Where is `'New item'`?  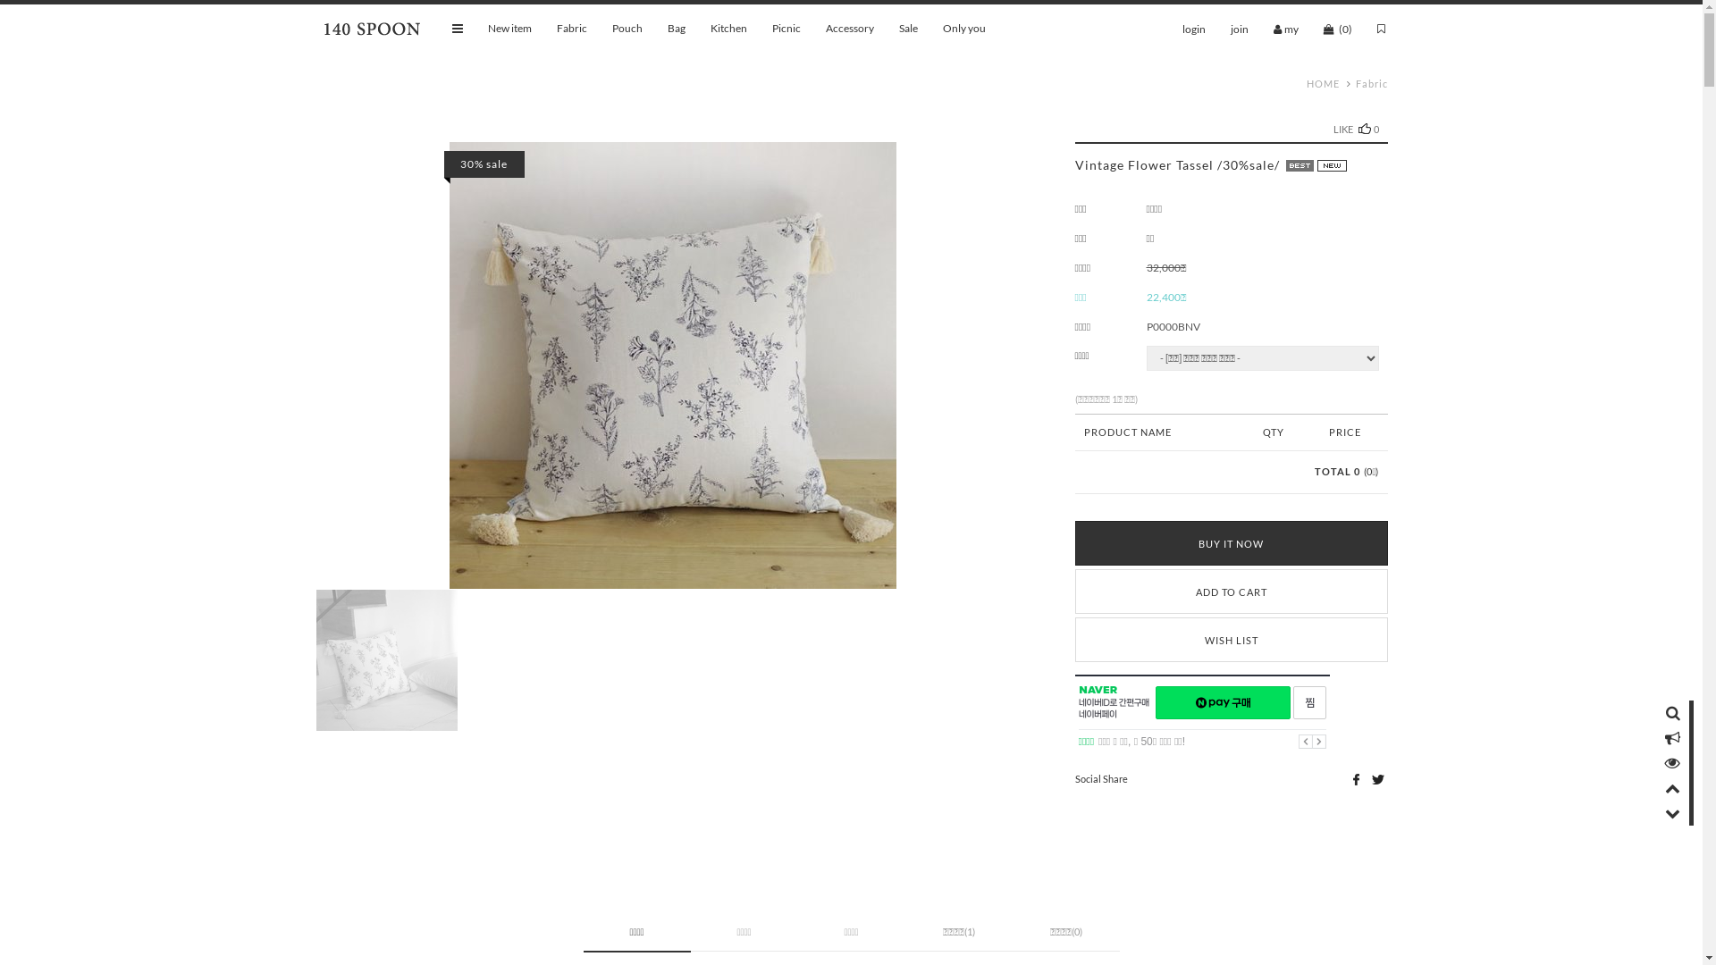
'New item' is located at coordinates (488, 28).